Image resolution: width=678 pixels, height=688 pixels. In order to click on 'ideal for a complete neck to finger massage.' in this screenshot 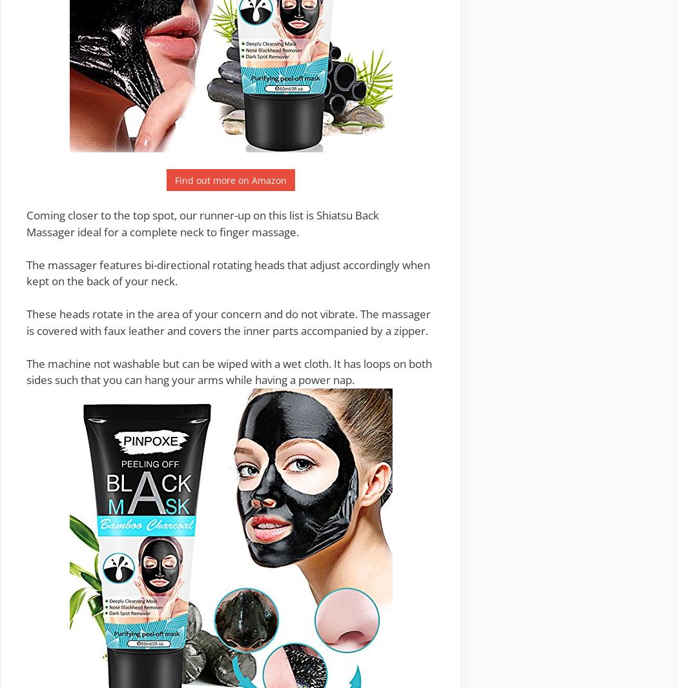, I will do `click(74, 231)`.